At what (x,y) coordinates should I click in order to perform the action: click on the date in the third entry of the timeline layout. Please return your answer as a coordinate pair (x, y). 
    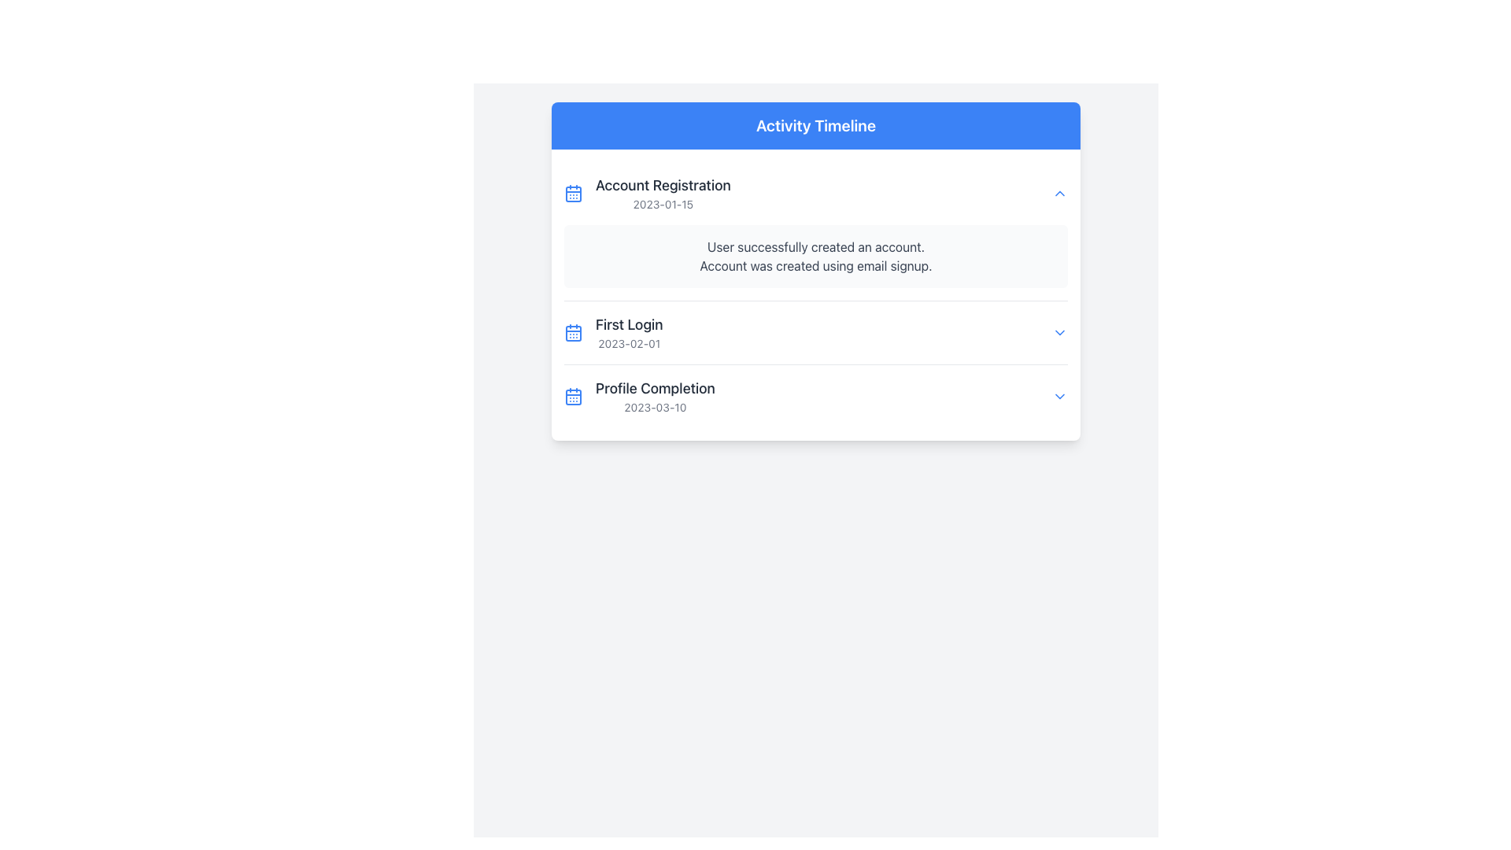
    Looking at the image, I should click on (815, 396).